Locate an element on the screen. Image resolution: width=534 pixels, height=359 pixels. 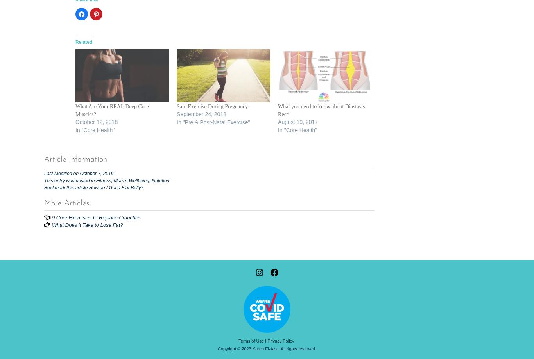
'|' is located at coordinates (265, 341).